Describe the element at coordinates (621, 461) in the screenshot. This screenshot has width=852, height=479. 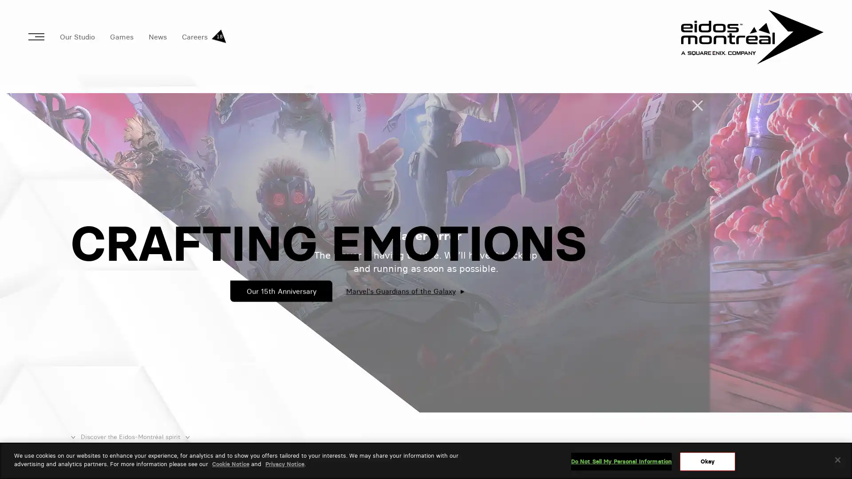
I see `Do Not Sell My Personal Information` at that location.